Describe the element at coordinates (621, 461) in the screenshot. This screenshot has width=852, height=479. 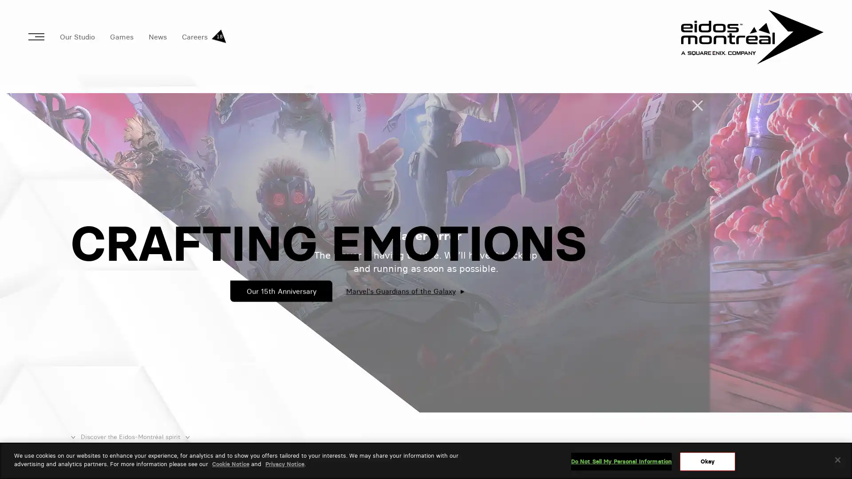
I see `Do Not Sell My Personal Information` at that location.